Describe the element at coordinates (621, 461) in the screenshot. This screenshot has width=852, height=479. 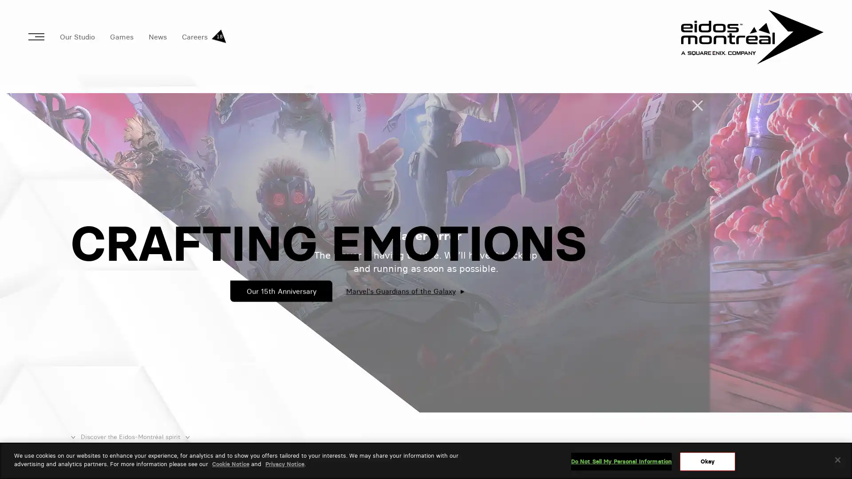
I see `Do Not Sell My Personal Information` at that location.